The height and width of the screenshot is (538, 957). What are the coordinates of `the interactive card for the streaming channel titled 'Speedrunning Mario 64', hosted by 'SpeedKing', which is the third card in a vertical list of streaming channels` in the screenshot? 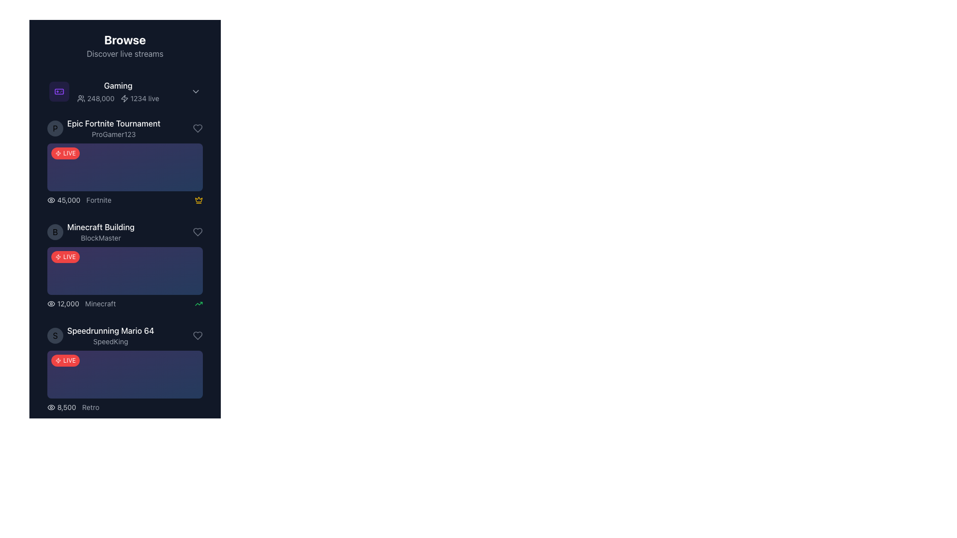 It's located at (124, 369).